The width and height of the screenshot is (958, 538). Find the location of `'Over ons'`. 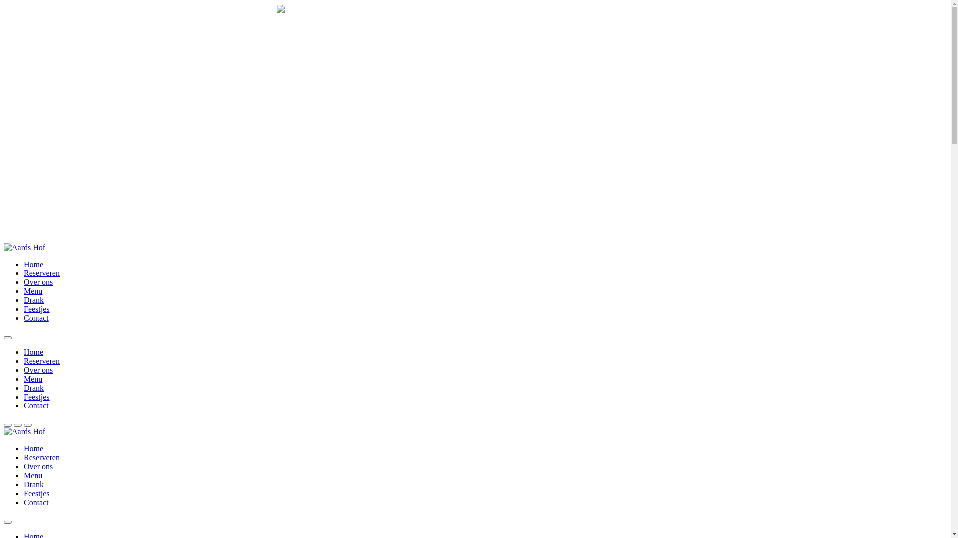

'Over ons' is located at coordinates (24, 282).